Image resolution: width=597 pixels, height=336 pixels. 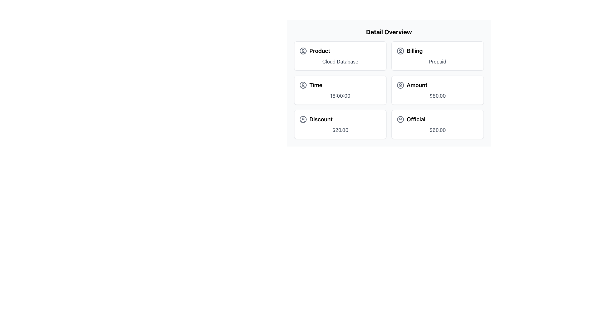 I want to click on the circular user silhouette icon with a gray outline located next to the 'Official' label in the 'Detail Overview' section, so click(x=400, y=119).